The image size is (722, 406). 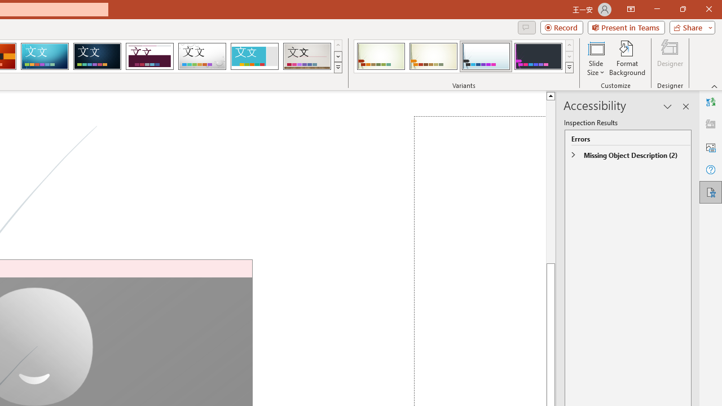 What do you see at coordinates (486, 56) in the screenshot?
I see `'Wisp Variant 3'` at bounding box center [486, 56].